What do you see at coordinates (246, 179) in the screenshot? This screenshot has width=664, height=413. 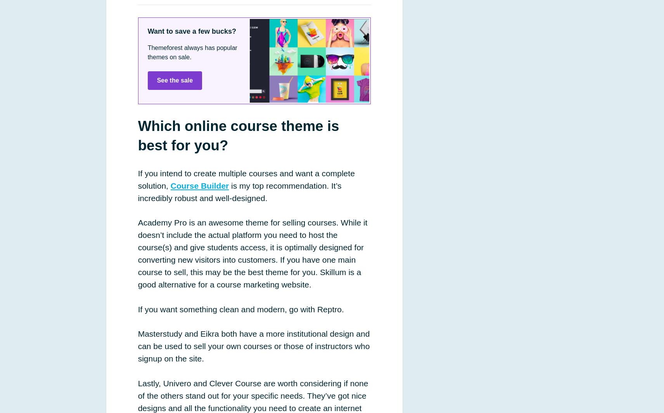 I see `'If you intend to create multiple courses and want a complete solution,'` at bounding box center [246, 179].